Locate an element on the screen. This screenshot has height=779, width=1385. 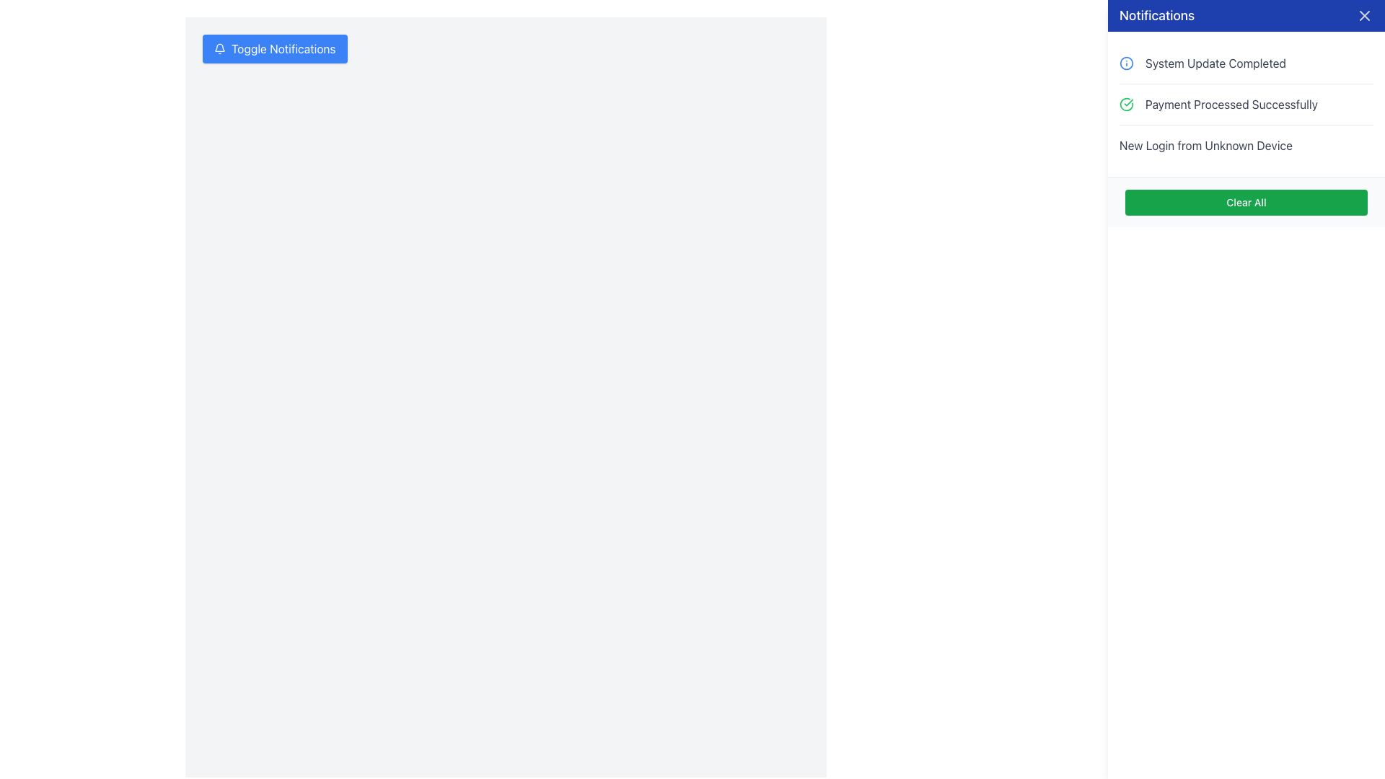
the blue circular SVG icon located next to the 'Notifications' header in the upper right corner of the layout is located at coordinates (1125, 63).